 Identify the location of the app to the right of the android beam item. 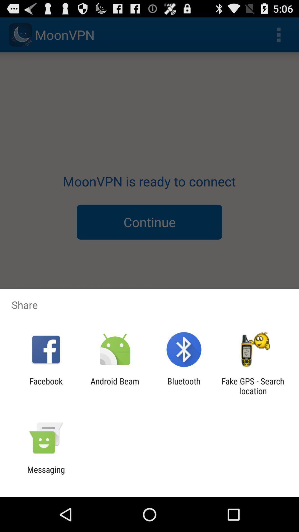
(184, 386).